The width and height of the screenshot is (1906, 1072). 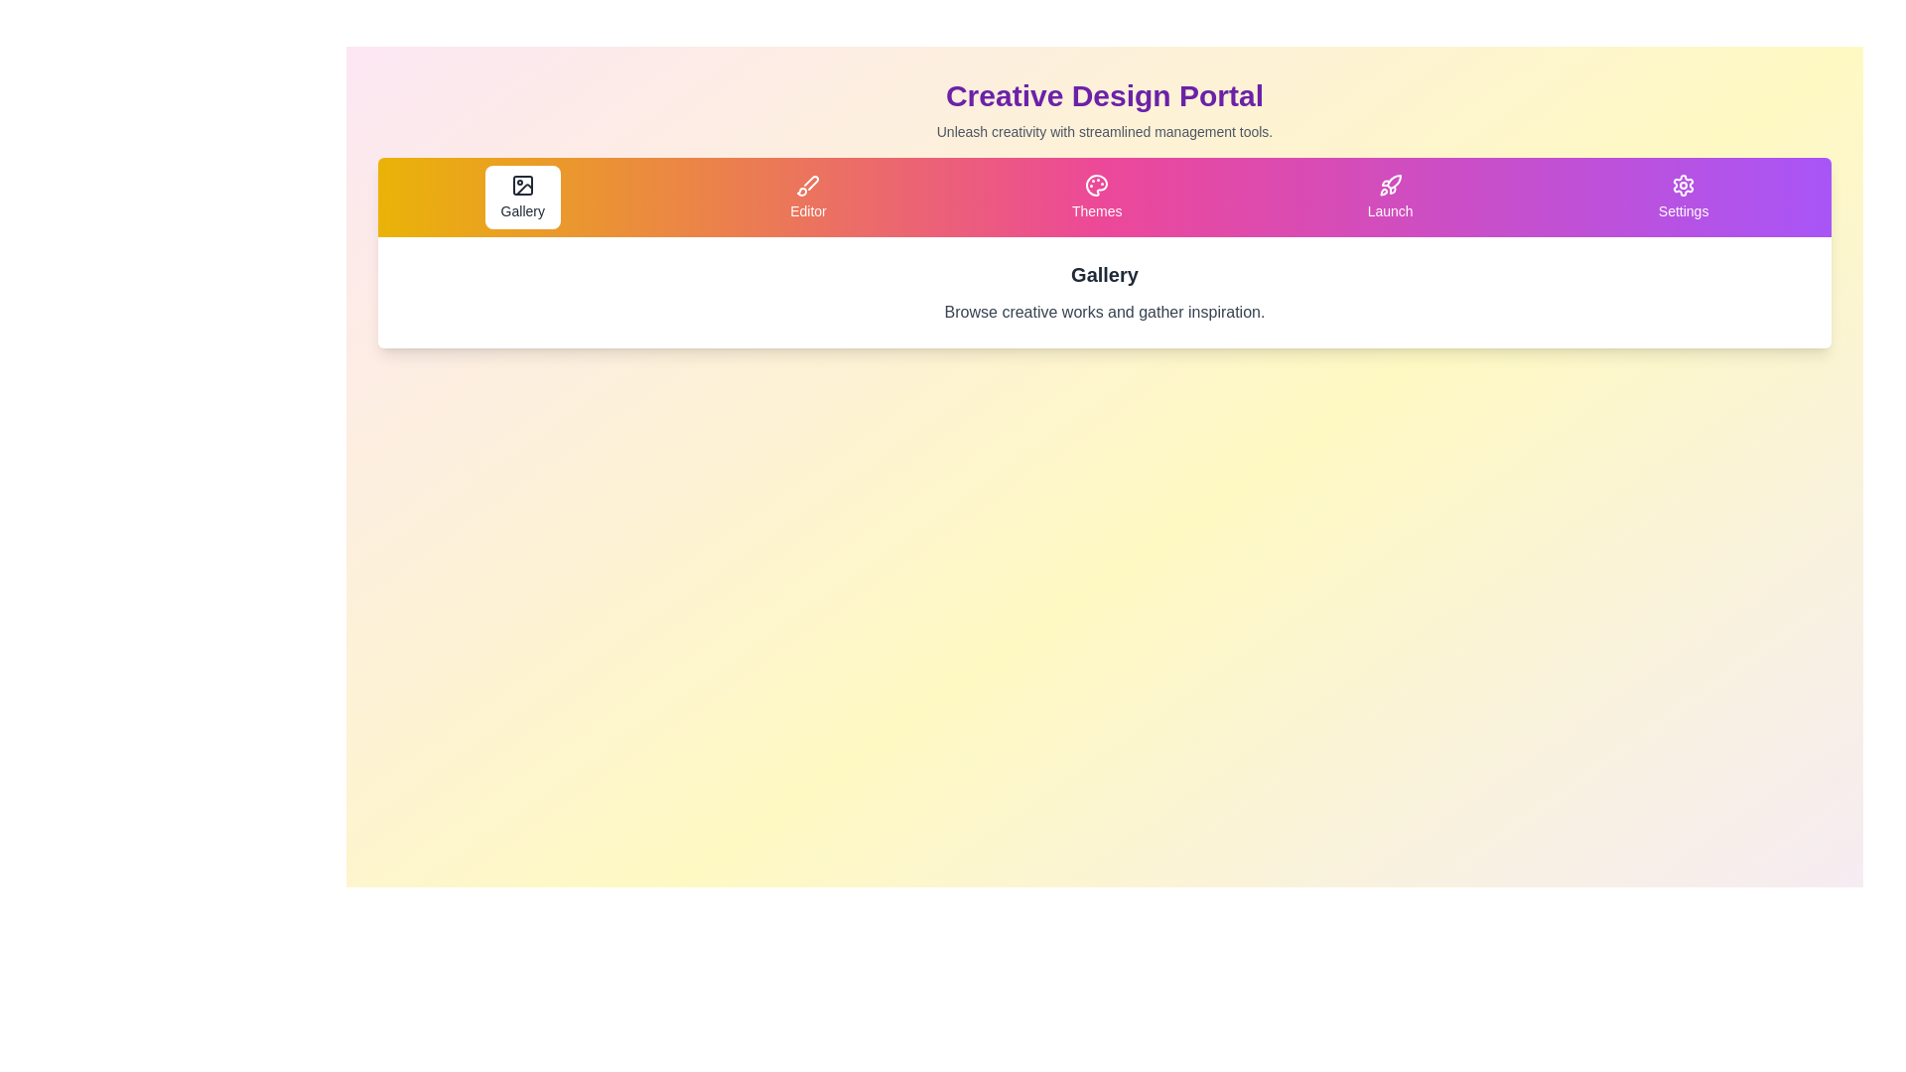 What do you see at coordinates (1683, 185) in the screenshot?
I see `the 'Settings' gear icon located at the far right of the navigation bar` at bounding box center [1683, 185].